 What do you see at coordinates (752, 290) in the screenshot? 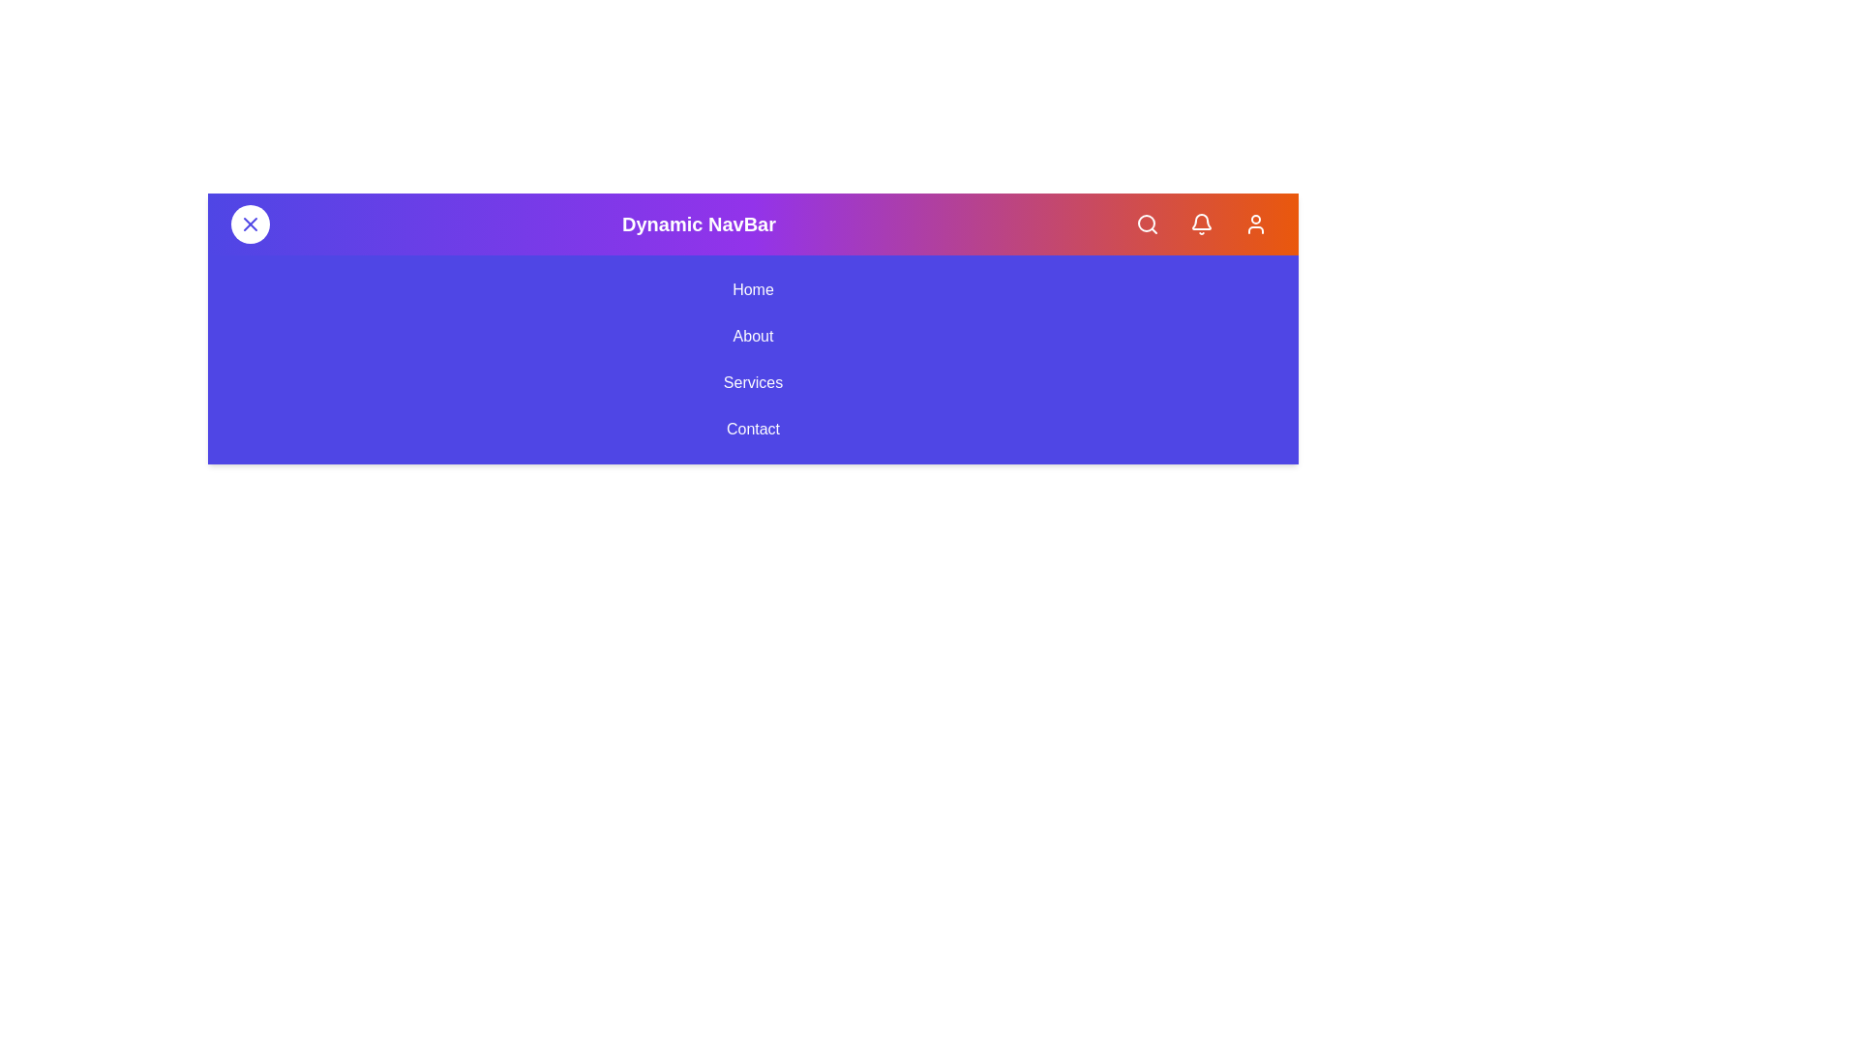
I see `the navigation menu link labeled Home` at bounding box center [752, 290].